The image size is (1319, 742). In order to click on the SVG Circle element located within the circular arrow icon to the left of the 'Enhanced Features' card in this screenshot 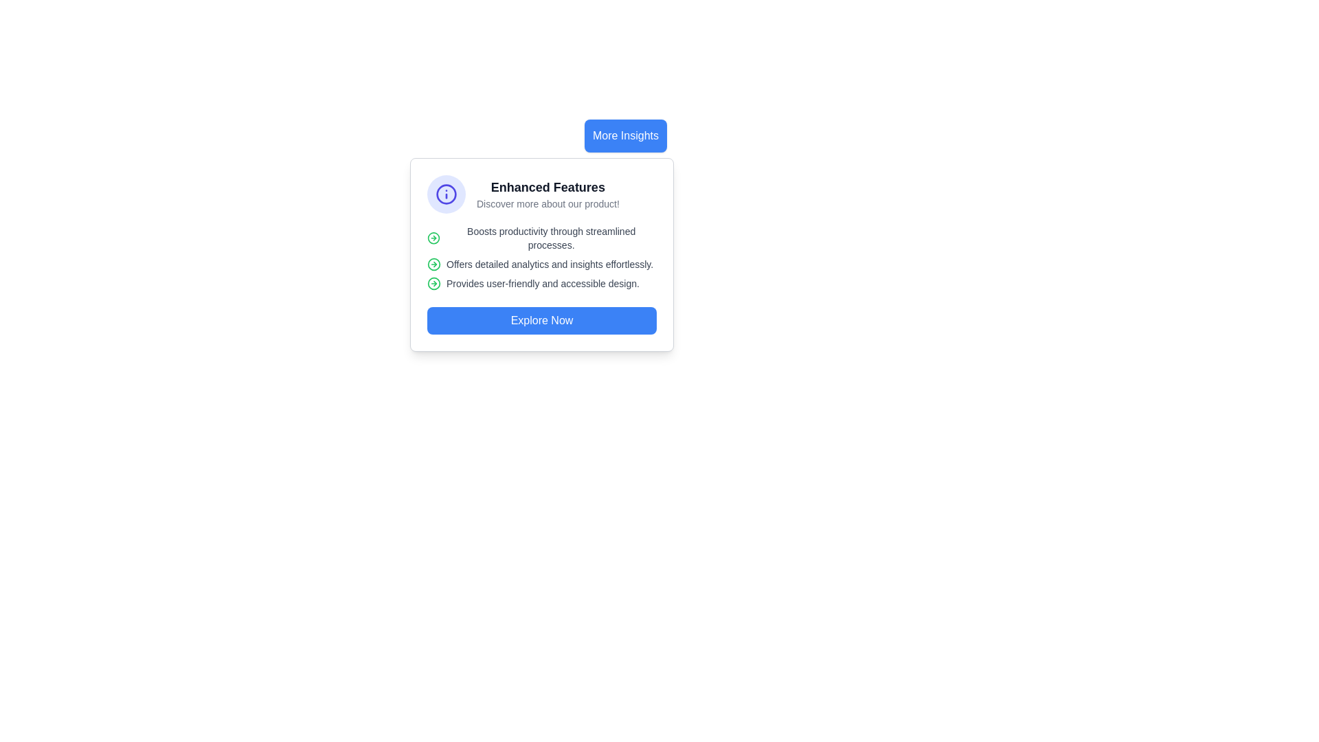, I will do `click(433, 282)`.